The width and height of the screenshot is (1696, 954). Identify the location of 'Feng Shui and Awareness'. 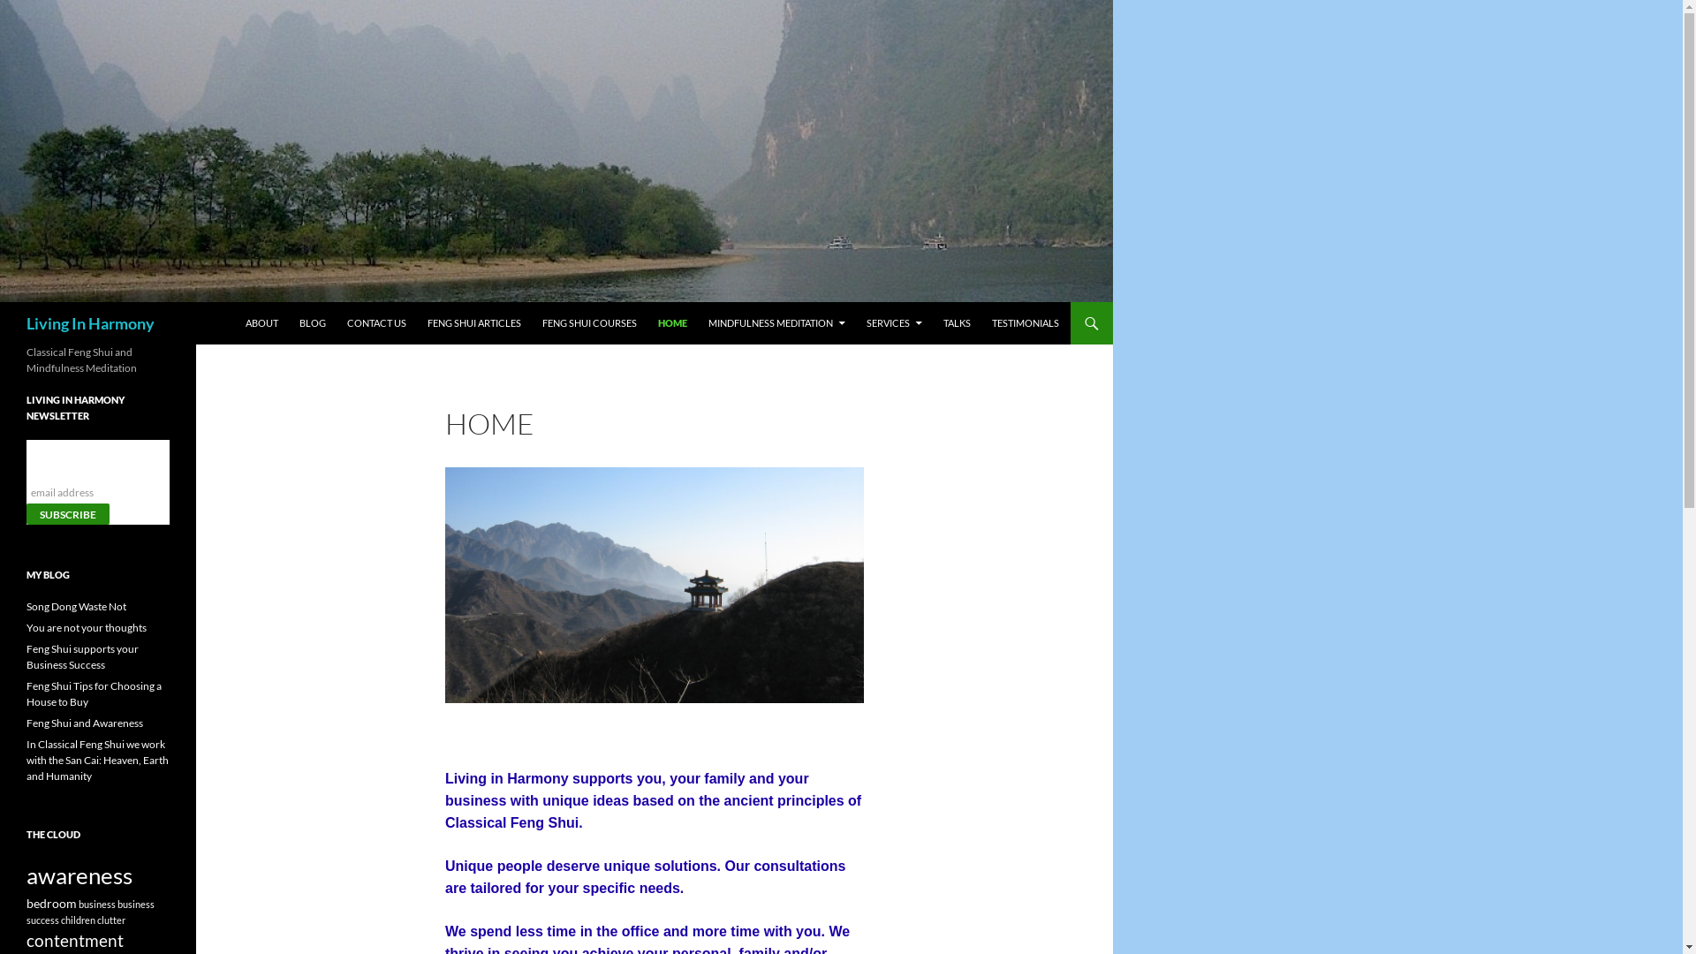
(84, 723).